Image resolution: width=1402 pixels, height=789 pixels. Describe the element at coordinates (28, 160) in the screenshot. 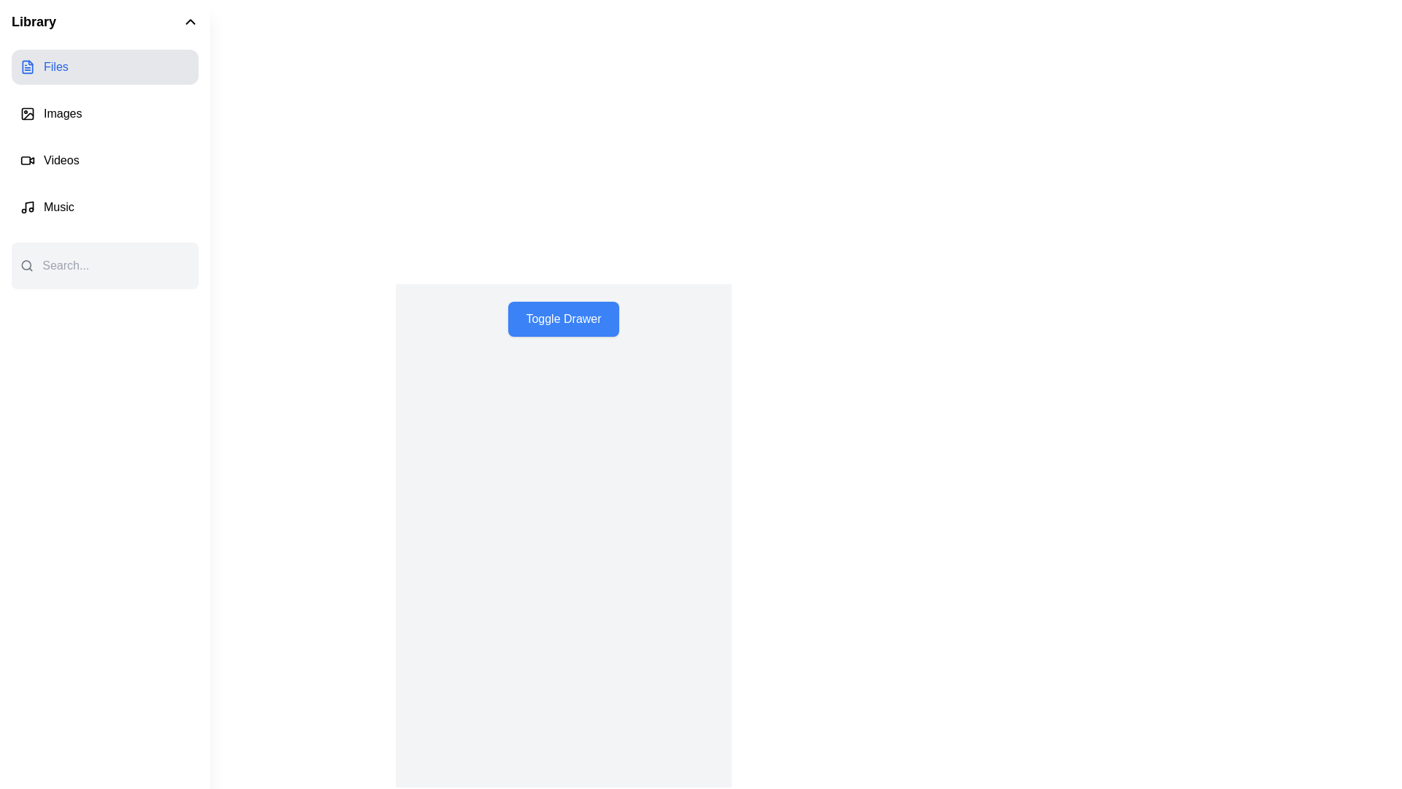

I see `the video icon located in the vertical menu on the left side of the interface, positioned below the 'Images' icon and above the 'Music' icon` at that location.